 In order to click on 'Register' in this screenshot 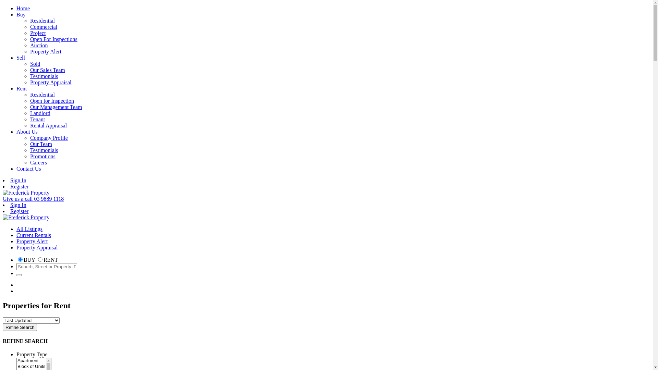, I will do `click(10, 186)`.